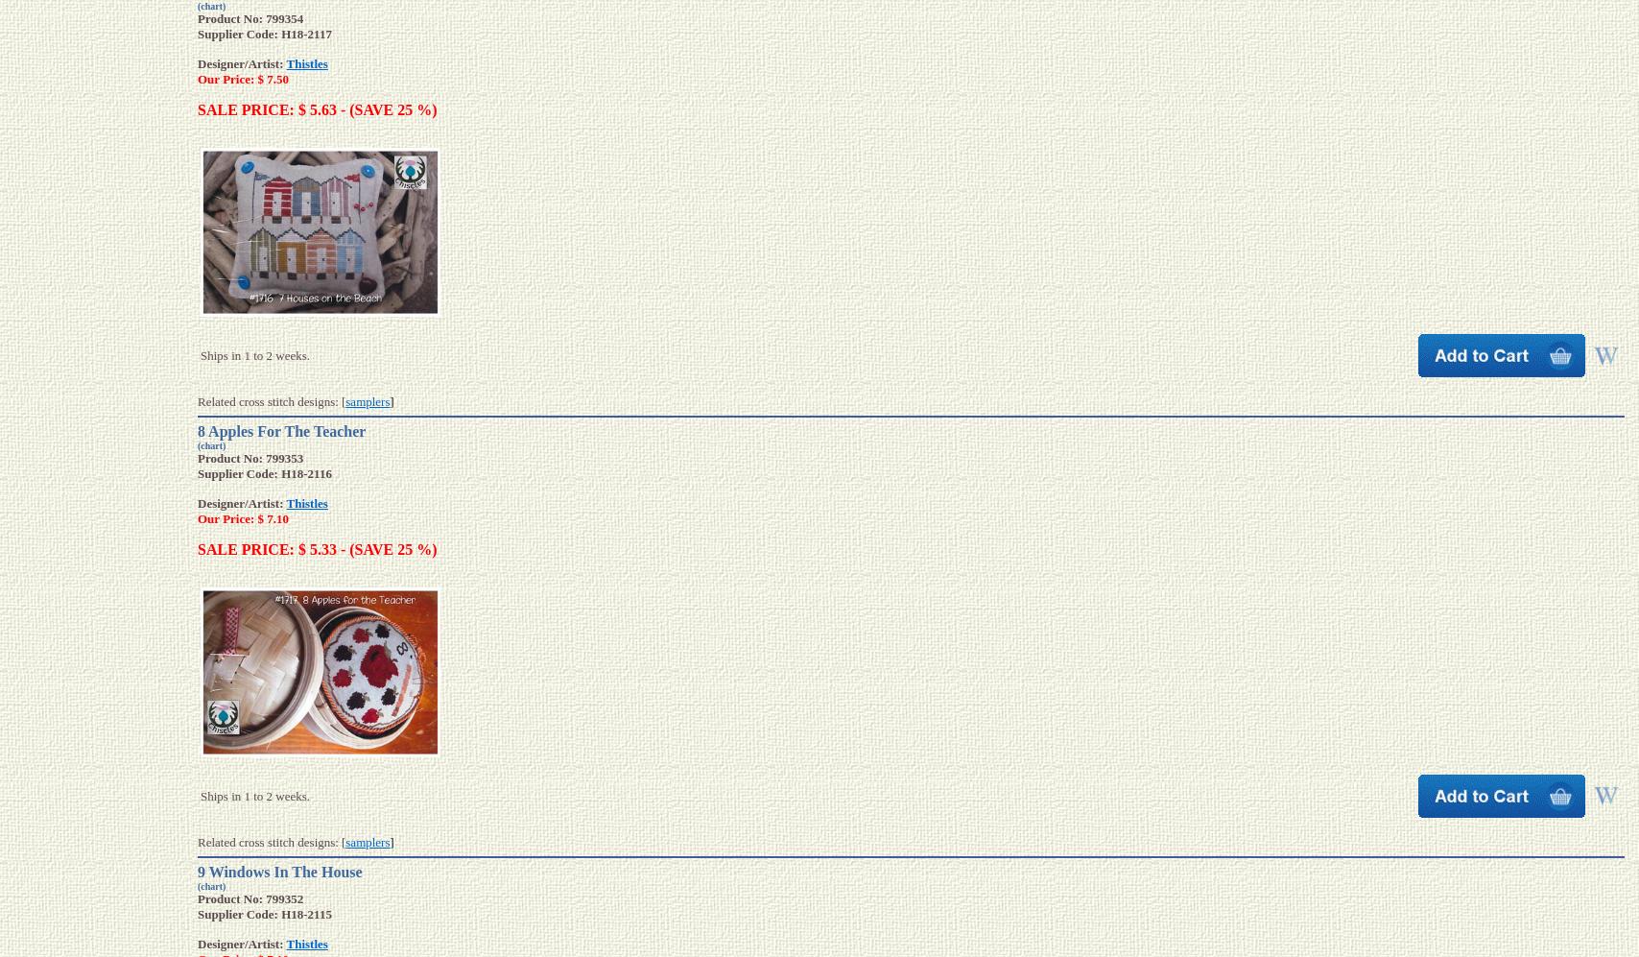 This screenshot has width=1639, height=957. What do you see at coordinates (197, 109) in the screenshot?
I see `'SALE PRICE: $ 5.63 - (SAVE 25 %)'` at bounding box center [197, 109].